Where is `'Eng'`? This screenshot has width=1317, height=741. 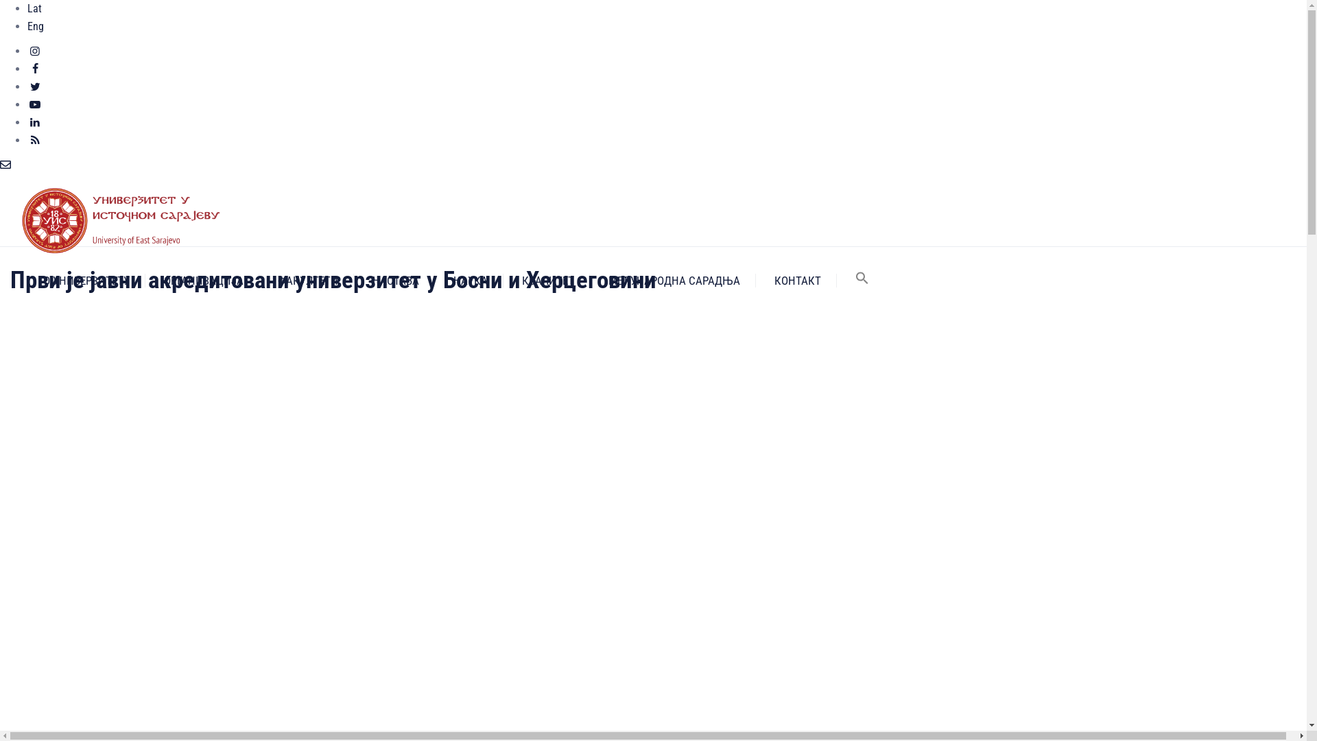
'Eng' is located at coordinates (36, 26).